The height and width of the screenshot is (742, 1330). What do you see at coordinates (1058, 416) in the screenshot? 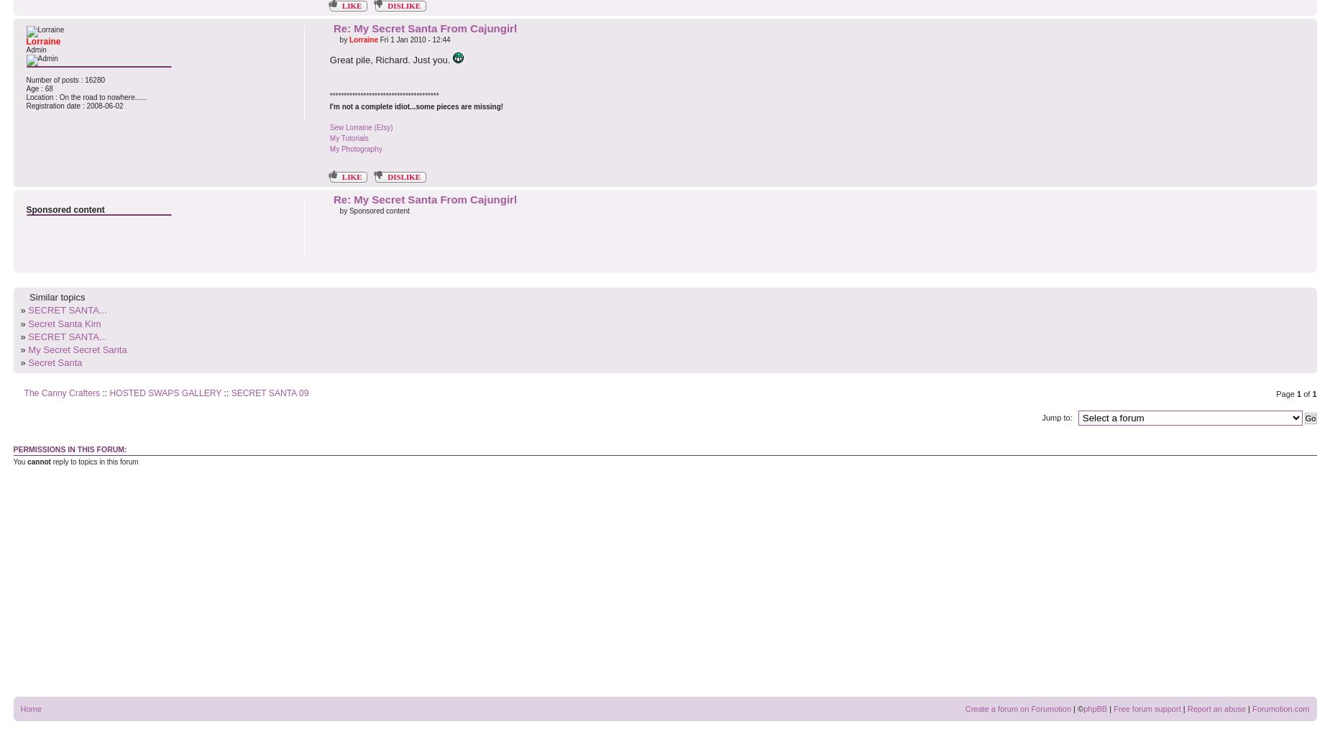
I see `'Jump to:'` at bounding box center [1058, 416].